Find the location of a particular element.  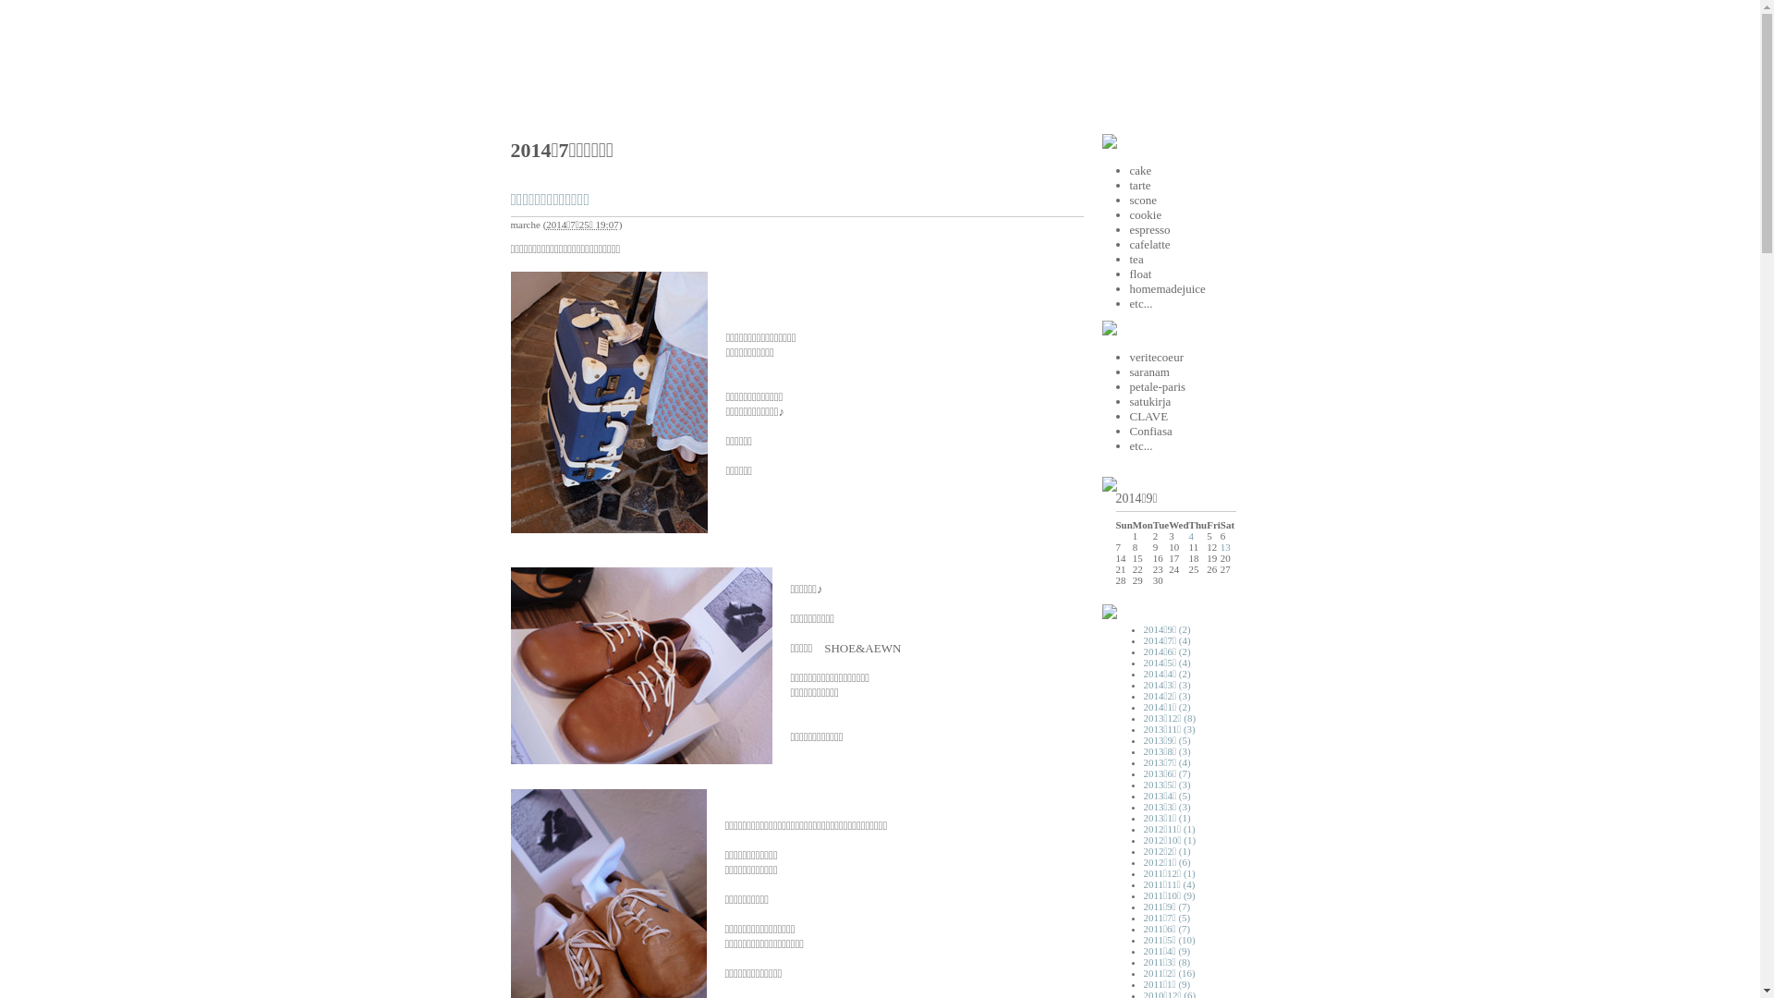

'13' is located at coordinates (1225, 545).